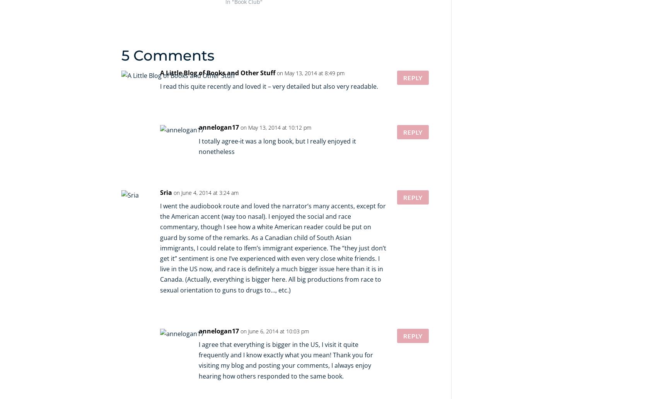 The image size is (660, 399). I want to click on 'I read this quite recently and loved it – very detailed but also very readable.', so click(268, 86).